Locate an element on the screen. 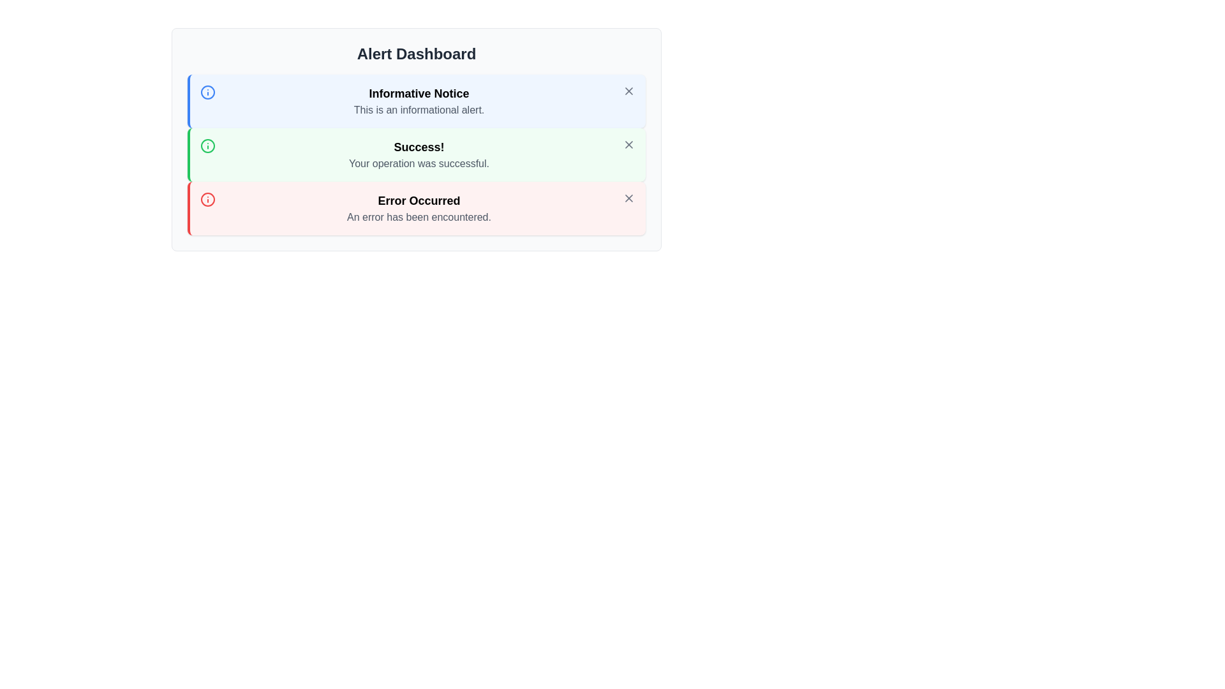  bold, larger font text 'Informative Notice' displayed prominently within the light blue alert box at the top section of the page is located at coordinates (419, 93).